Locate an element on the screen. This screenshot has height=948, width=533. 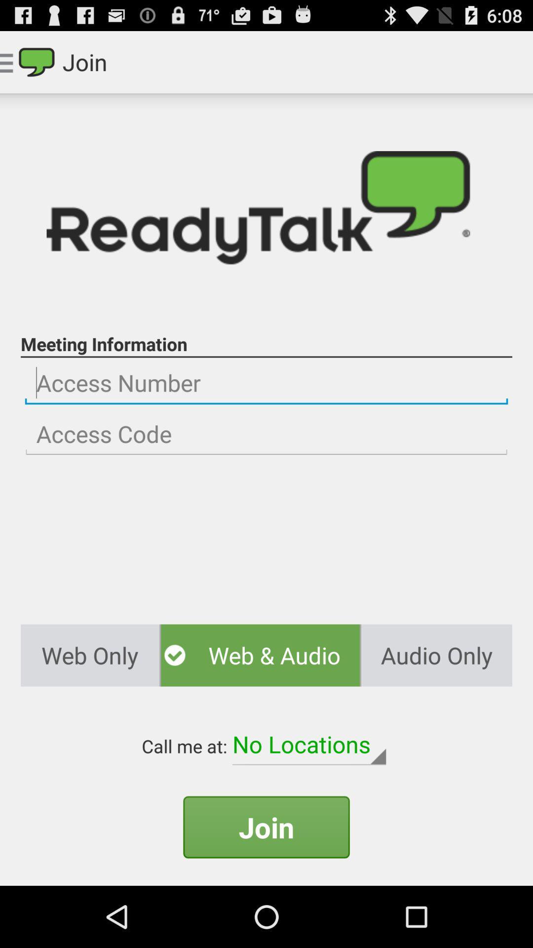
text field is located at coordinates (266, 383).